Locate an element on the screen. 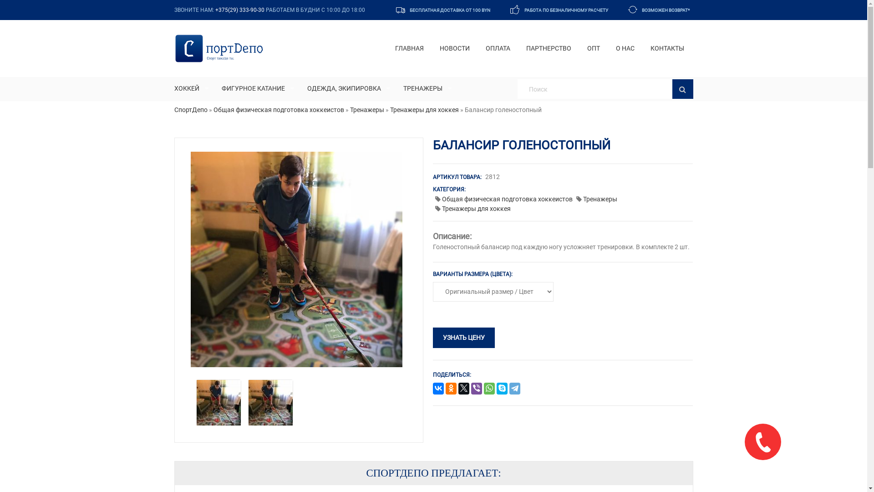 This screenshot has height=492, width=874. 'Skype' is located at coordinates (502, 389).